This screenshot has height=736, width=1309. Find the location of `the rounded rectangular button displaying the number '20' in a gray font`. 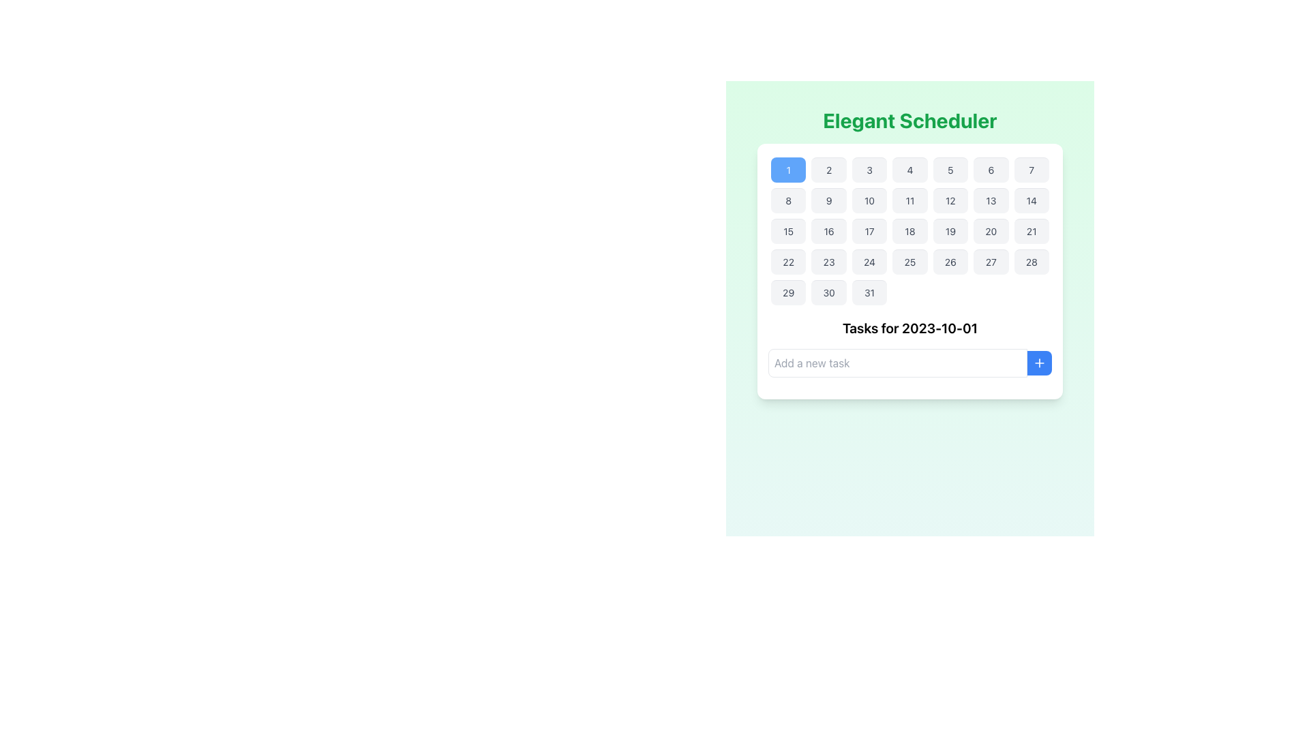

the rounded rectangular button displaying the number '20' in a gray font is located at coordinates (991, 230).